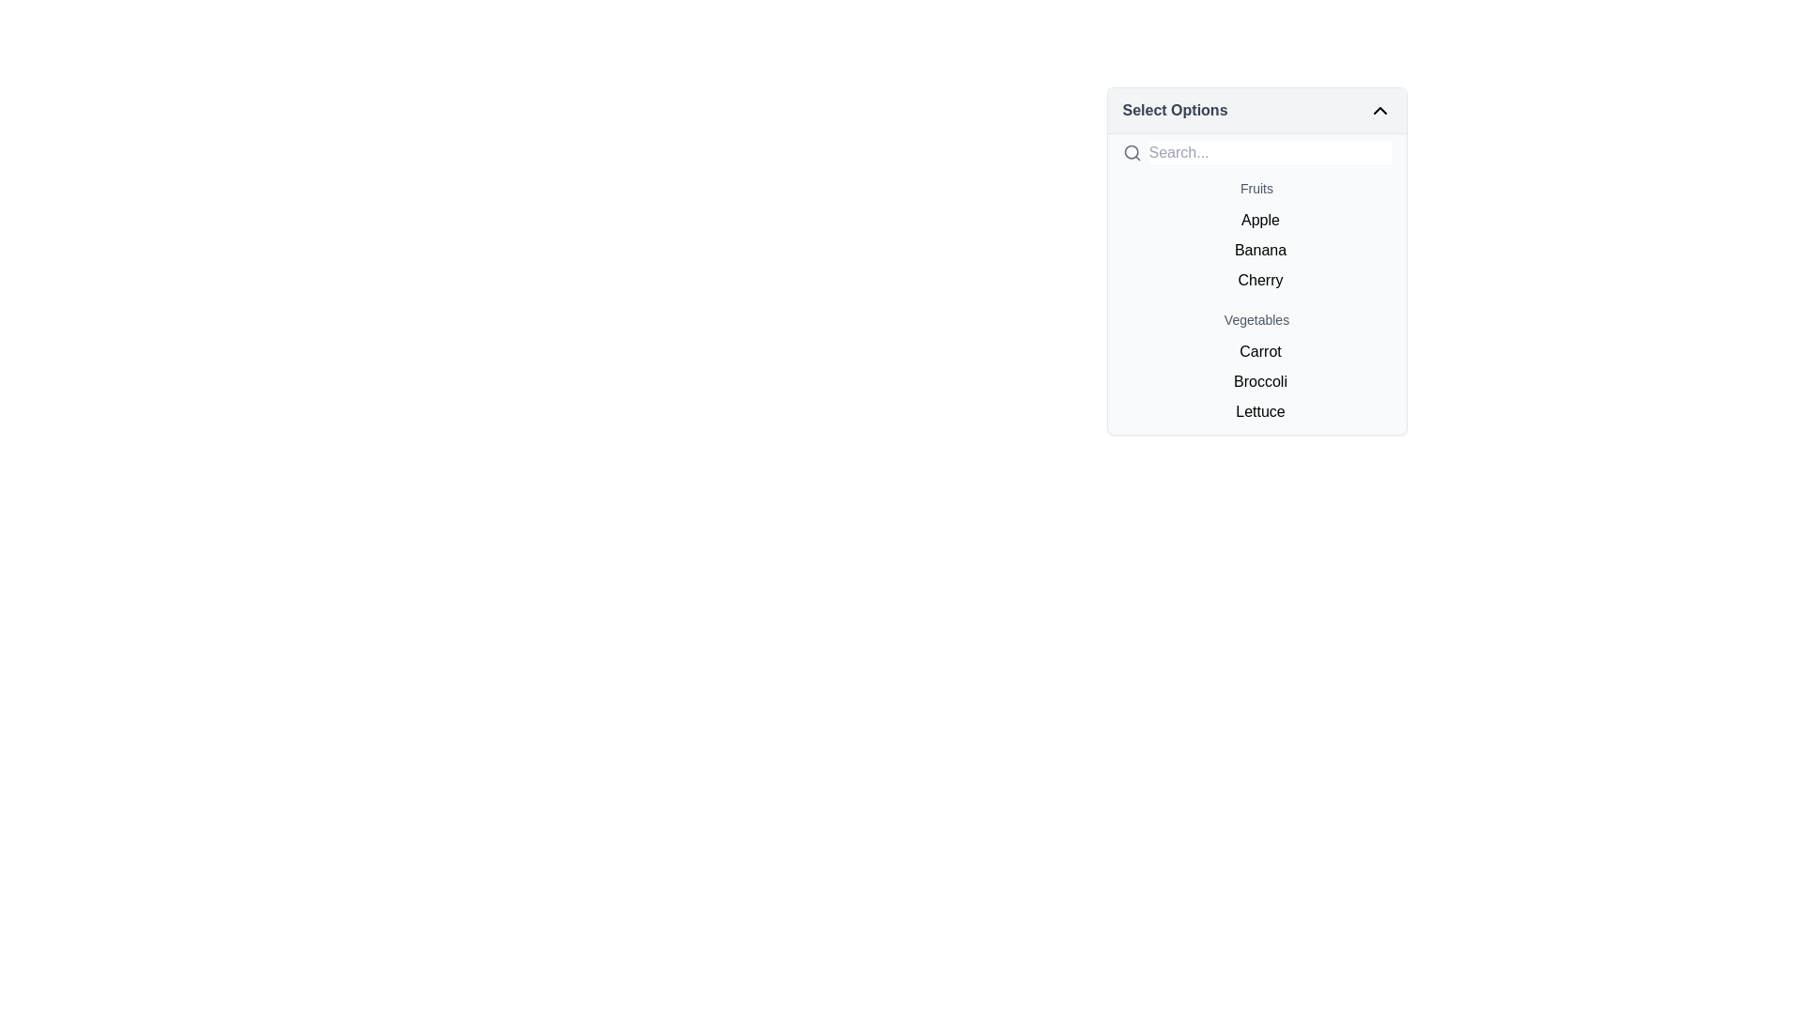  What do you see at coordinates (1256, 245) in the screenshot?
I see `the list element containing the text items 'Apple', 'Banana', and 'Cherry' located in the dropdown menu under the section labeled 'Fruits'` at bounding box center [1256, 245].